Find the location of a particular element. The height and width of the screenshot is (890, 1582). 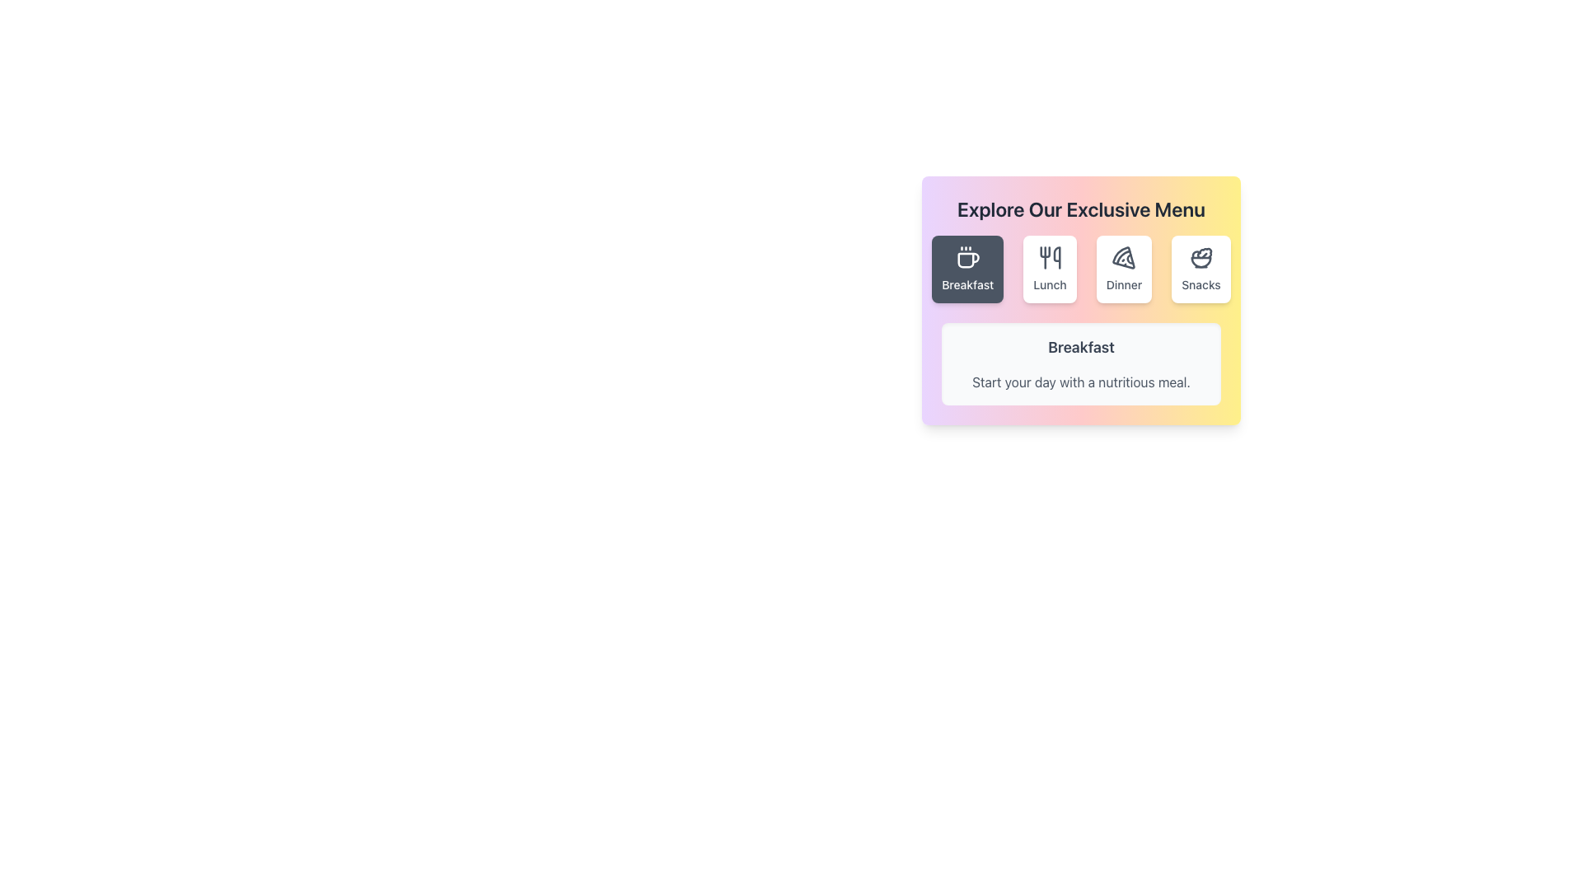

the small curved line forming part of the pizza-shaped icon within the 'Dinner' button in the 'Explore Our Exclusive Menu' section for tooltip or visual feedback is located at coordinates (1123, 257).